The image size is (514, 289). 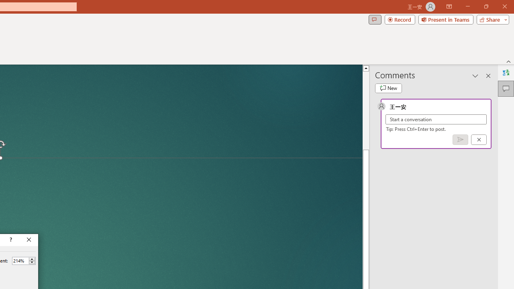 What do you see at coordinates (10, 239) in the screenshot?
I see `'Context help'` at bounding box center [10, 239].